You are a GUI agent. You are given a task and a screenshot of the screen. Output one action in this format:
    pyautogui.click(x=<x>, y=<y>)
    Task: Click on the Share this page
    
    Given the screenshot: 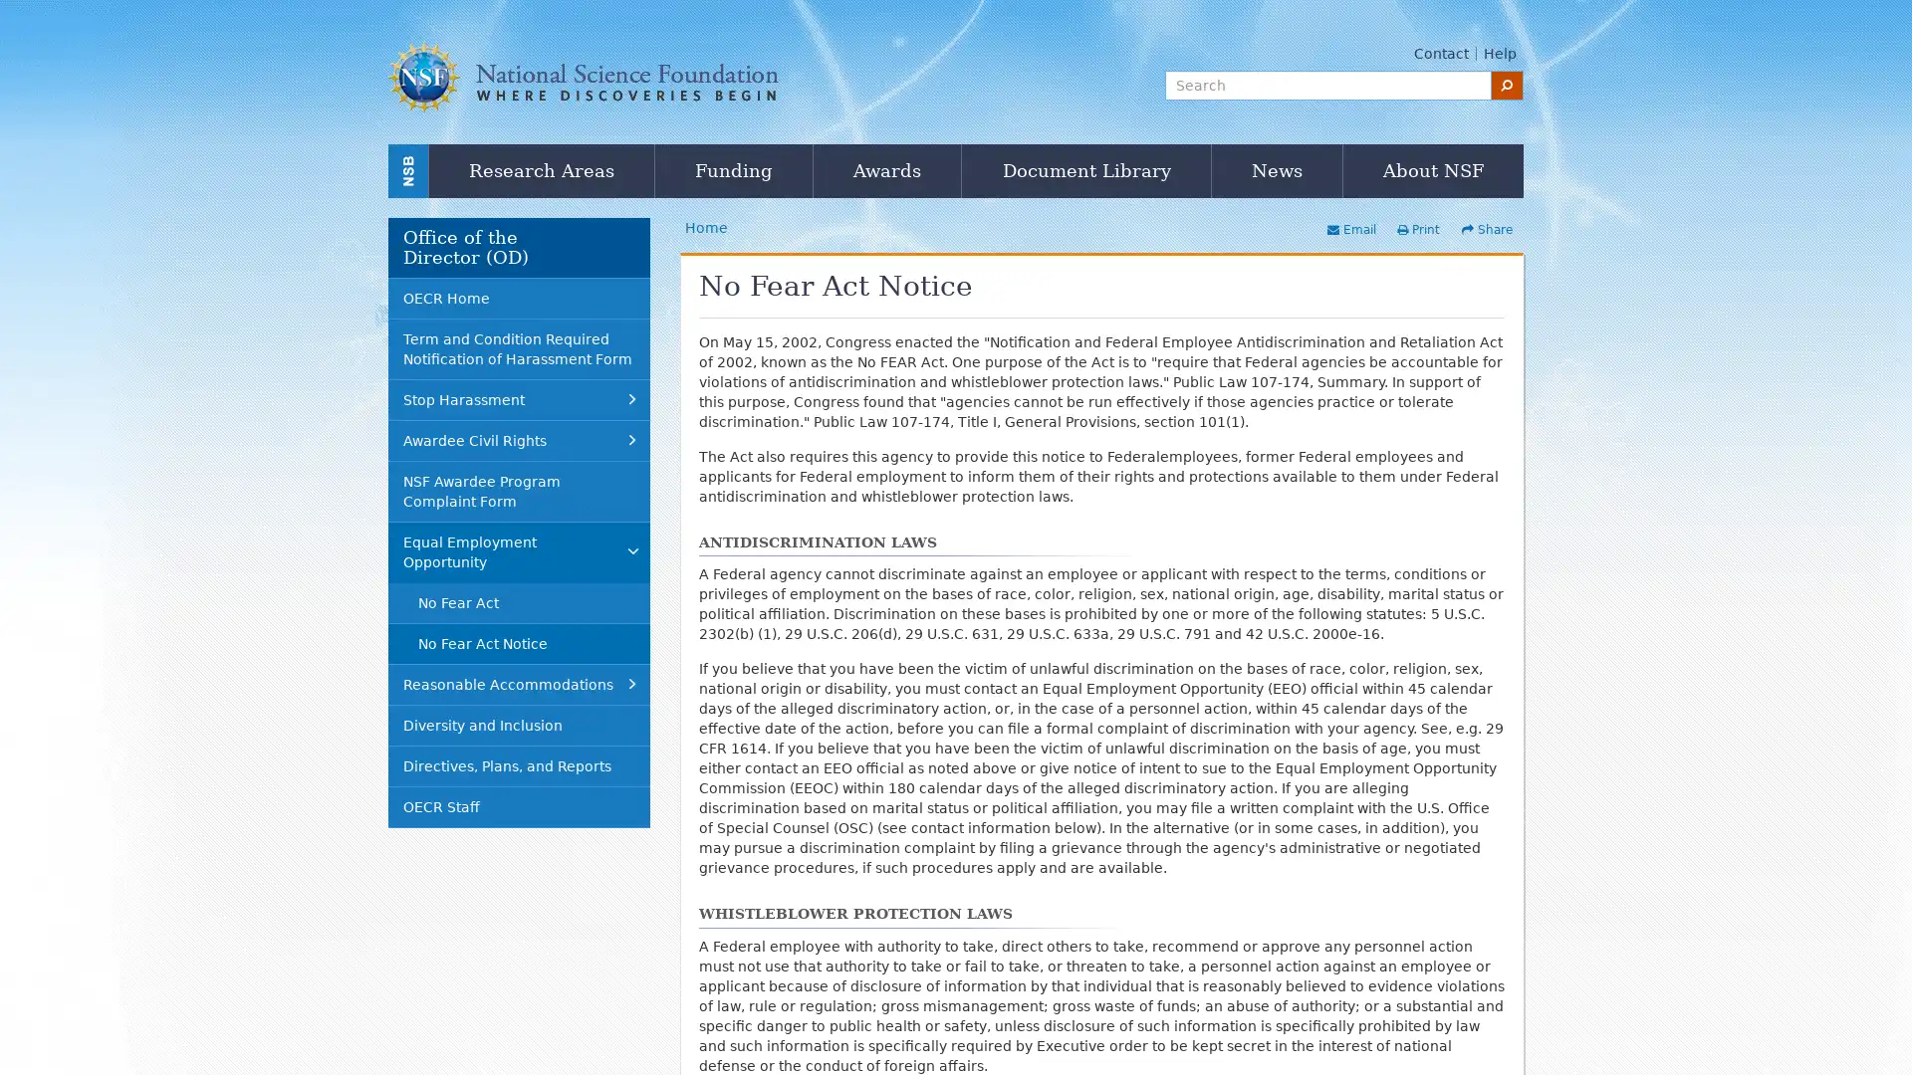 What is the action you would take?
    pyautogui.click(x=1486, y=229)
    